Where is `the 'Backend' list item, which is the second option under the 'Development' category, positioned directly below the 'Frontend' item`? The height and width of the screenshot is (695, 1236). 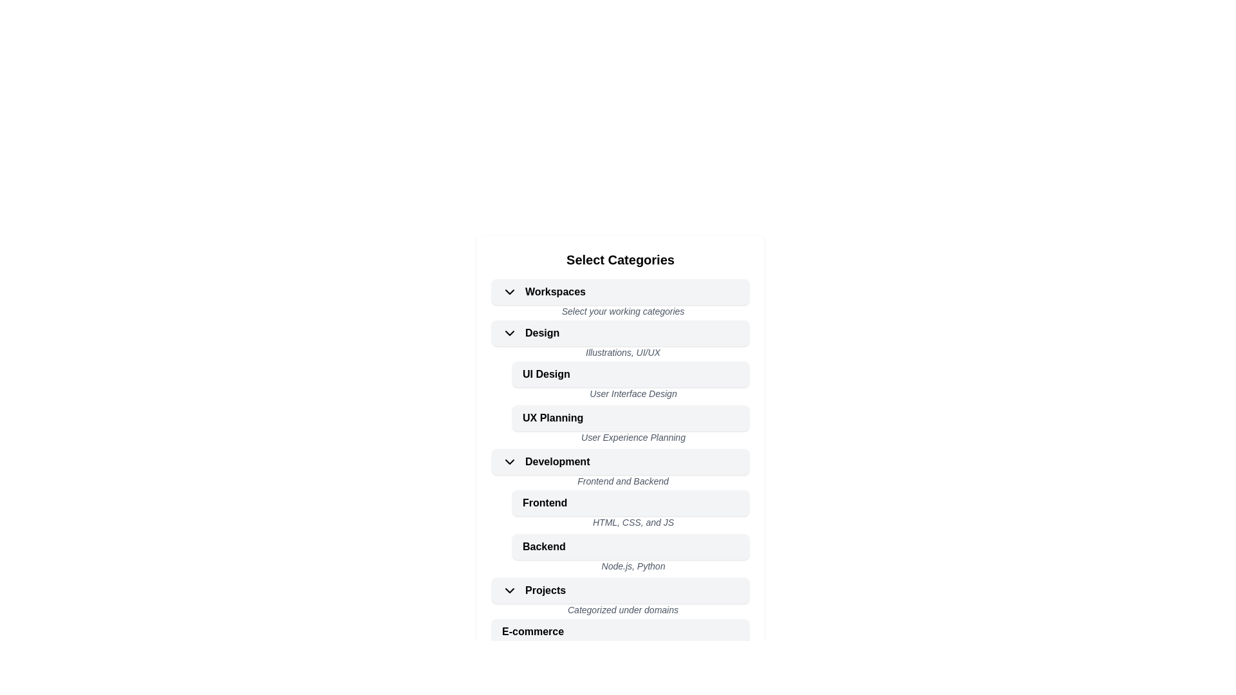
the 'Backend' list item, which is the second option under the 'Development' category, positioned directly below the 'Frontend' item is located at coordinates (630, 546).